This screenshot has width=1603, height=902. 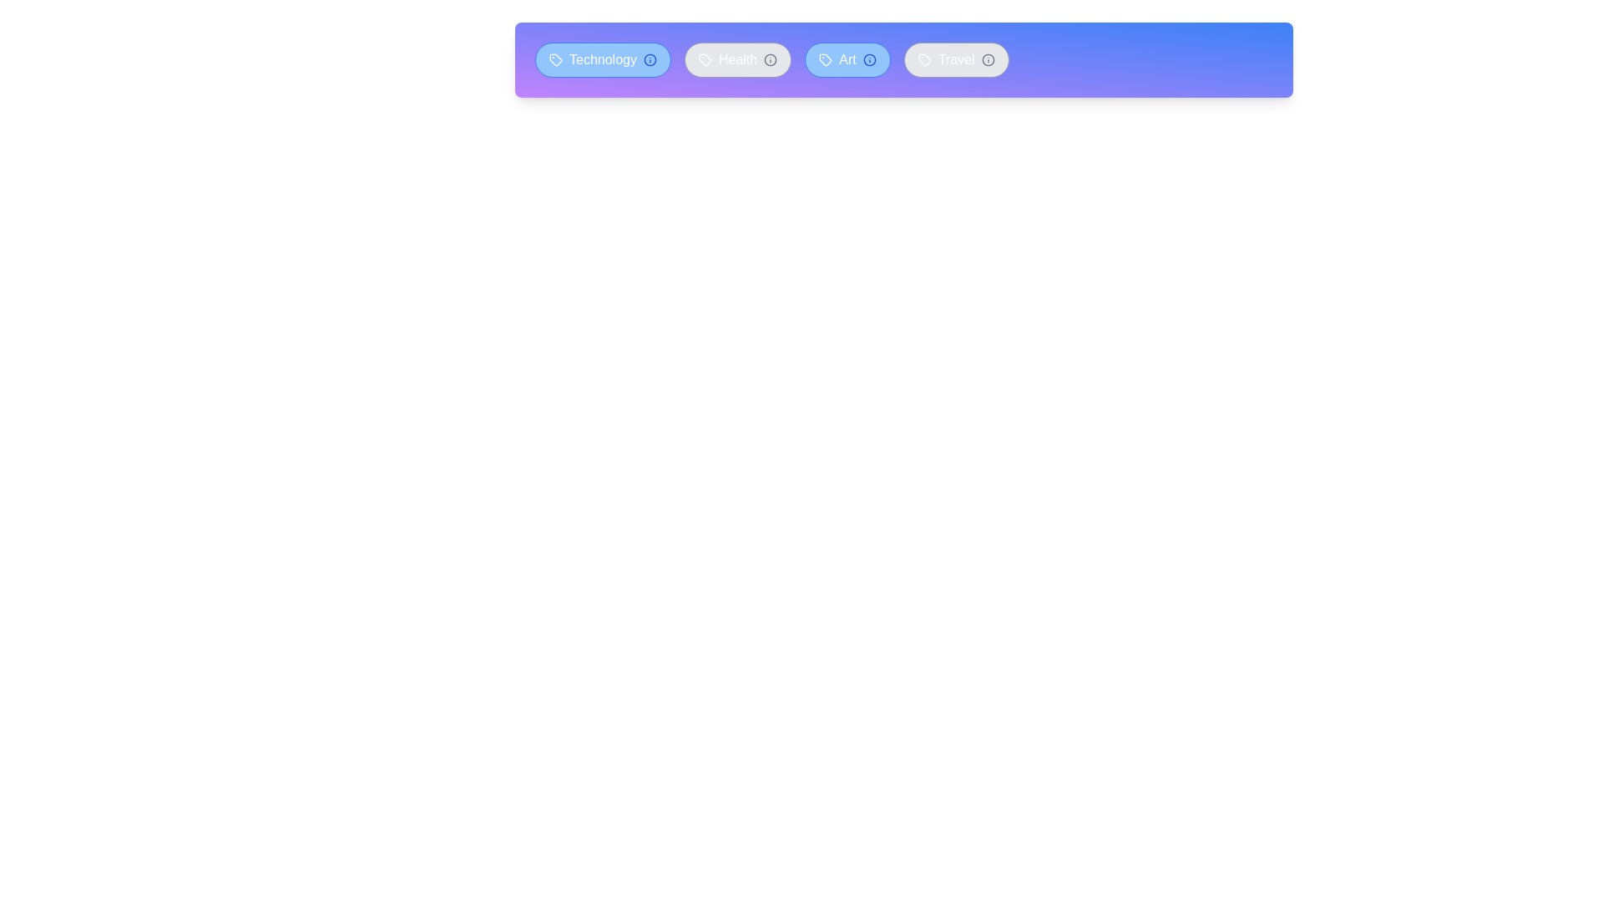 What do you see at coordinates (601, 59) in the screenshot?
I see `the tag labeled Technology to toggle its active status` at bounding box center [601, 59].